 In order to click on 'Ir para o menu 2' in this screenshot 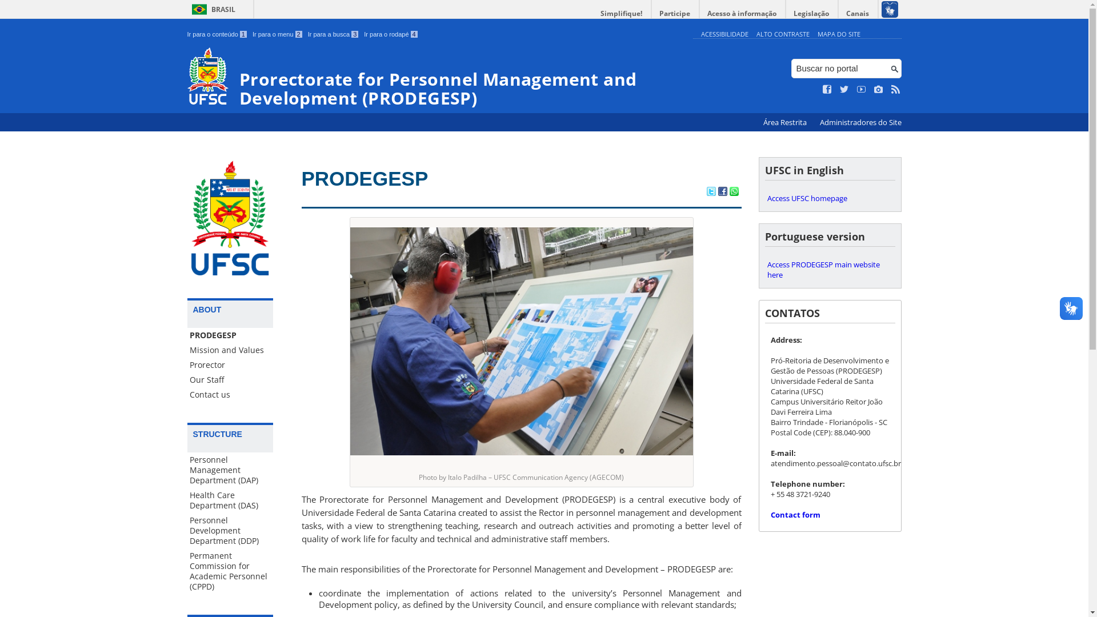, I will do `click(277, 34)`.